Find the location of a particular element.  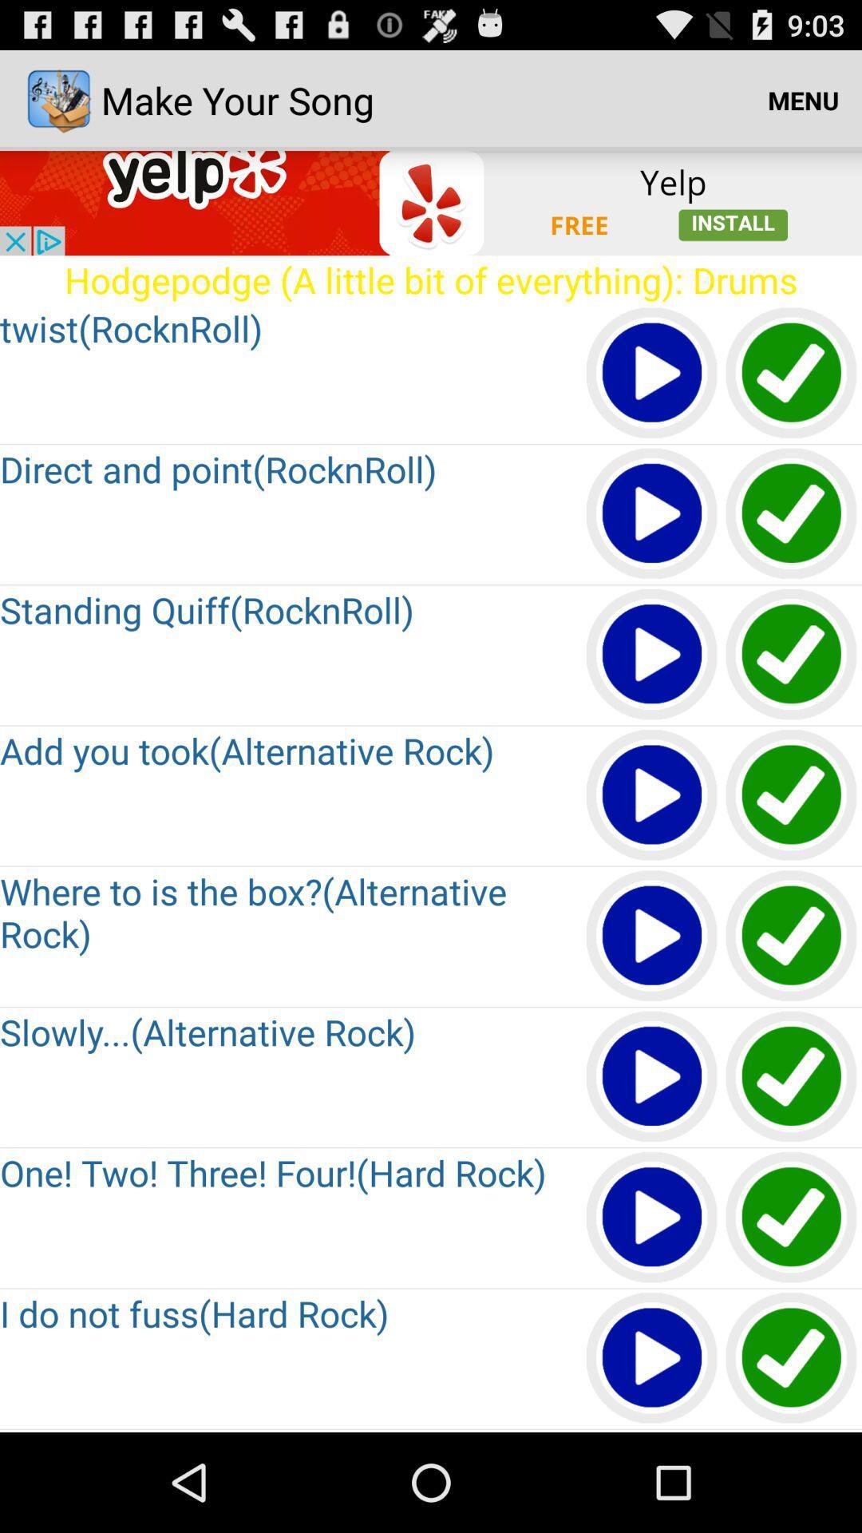

song is located at coordinates (652, 1358).